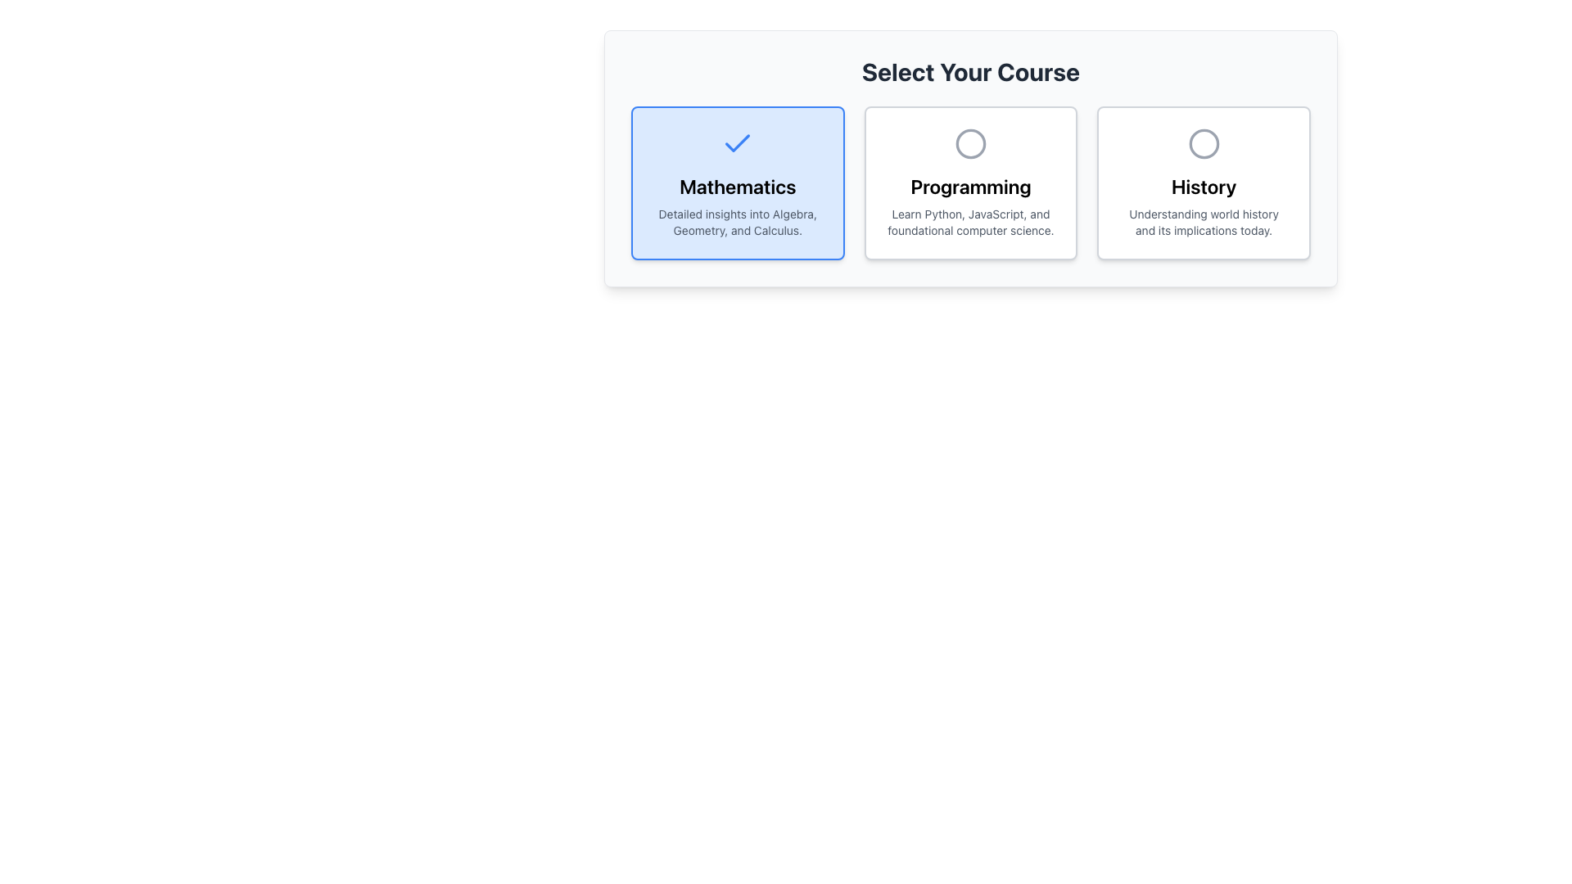 The height and width of the screenshot is (884, 1572). What do you see at coordinates (970, 223) in the screenshot?
I see `text block that contains 'Learn Python, JavaScript, and foundational computer science.' which is styled in a smaller font and located below the 'Programming' heading on the Programming card` at bounding box center [970, 223].